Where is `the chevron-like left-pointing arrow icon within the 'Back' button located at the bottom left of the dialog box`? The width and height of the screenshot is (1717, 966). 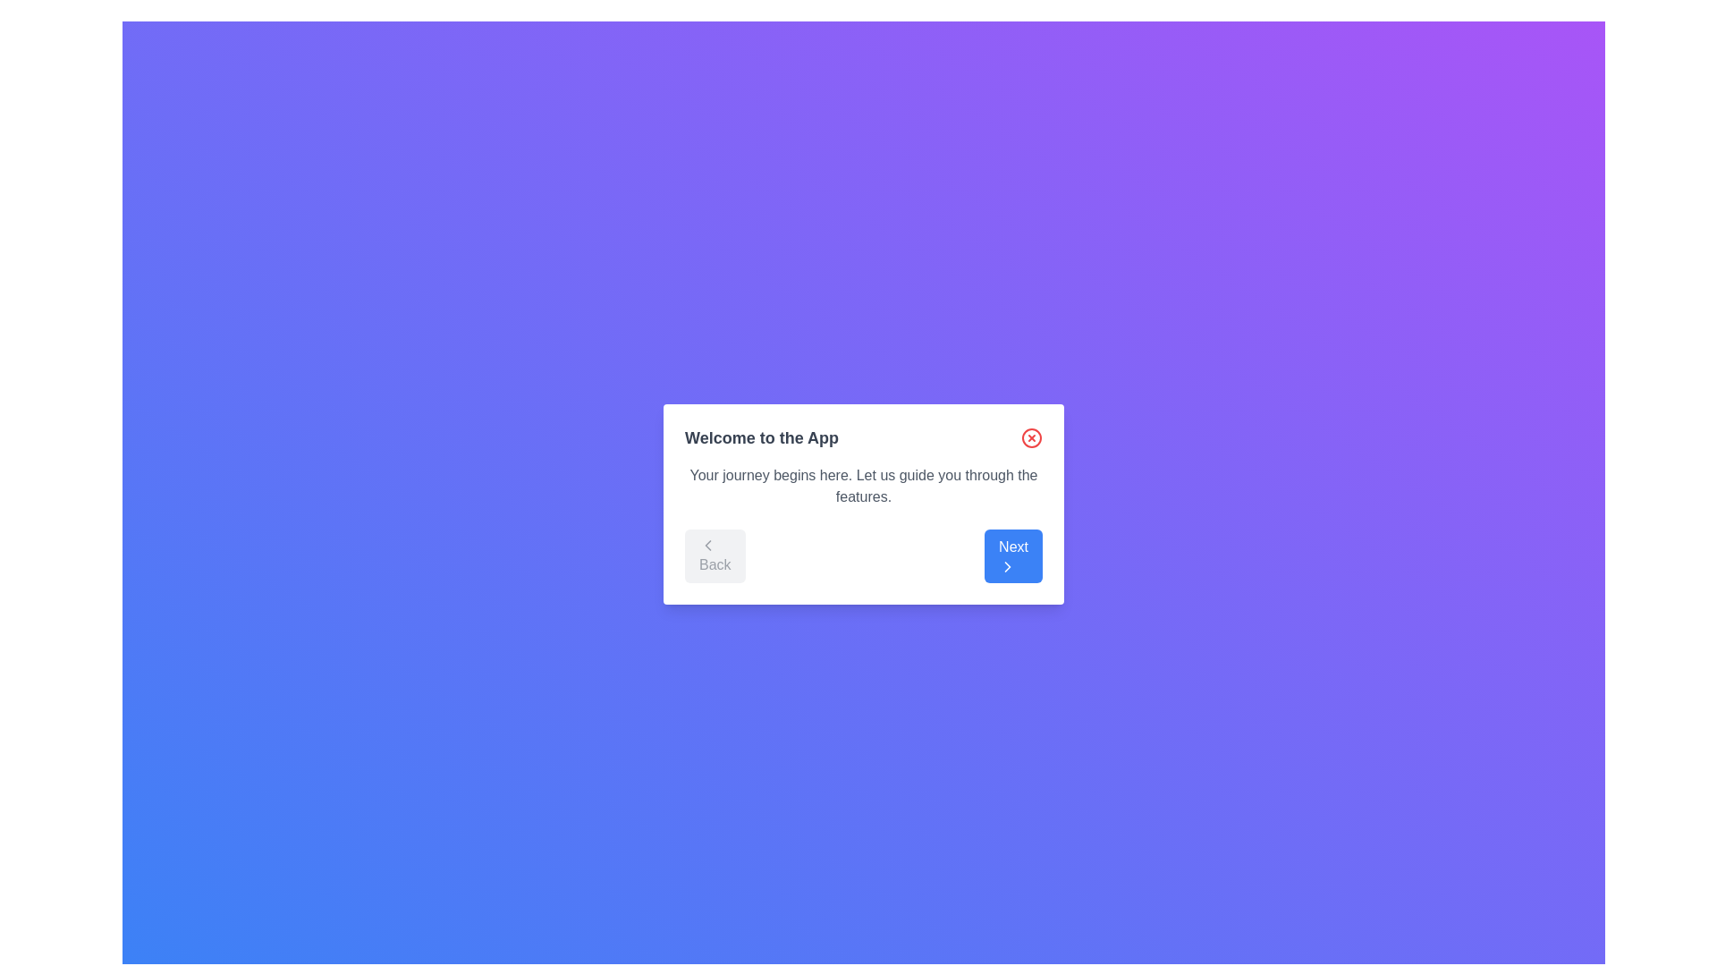
the chevron-like left-pointing arrow icon within the 'Back' button located at the bottom left of the dialog box is located at coordinates (707, 544).